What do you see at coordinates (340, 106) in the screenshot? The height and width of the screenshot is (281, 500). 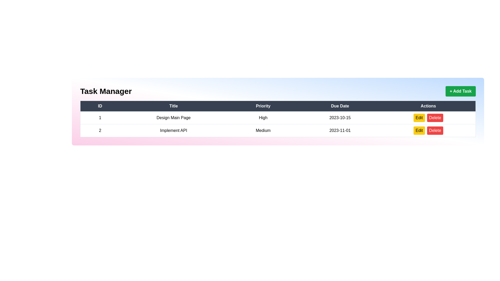 I see `the 'Due Date' label, which is styled with white text on a dark background and is the fourth item in a horizontal sequence within a table header layout` at bounding box center [340, 106].